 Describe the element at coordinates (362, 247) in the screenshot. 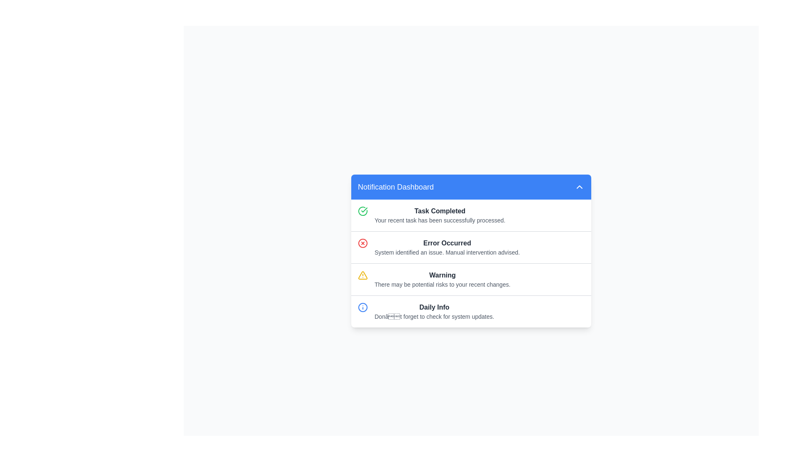

I see `the error indicator icon located in the notification card labeled 'Error Occurred', which is positioned to the left of the text 'Error Occurred'` at that location.